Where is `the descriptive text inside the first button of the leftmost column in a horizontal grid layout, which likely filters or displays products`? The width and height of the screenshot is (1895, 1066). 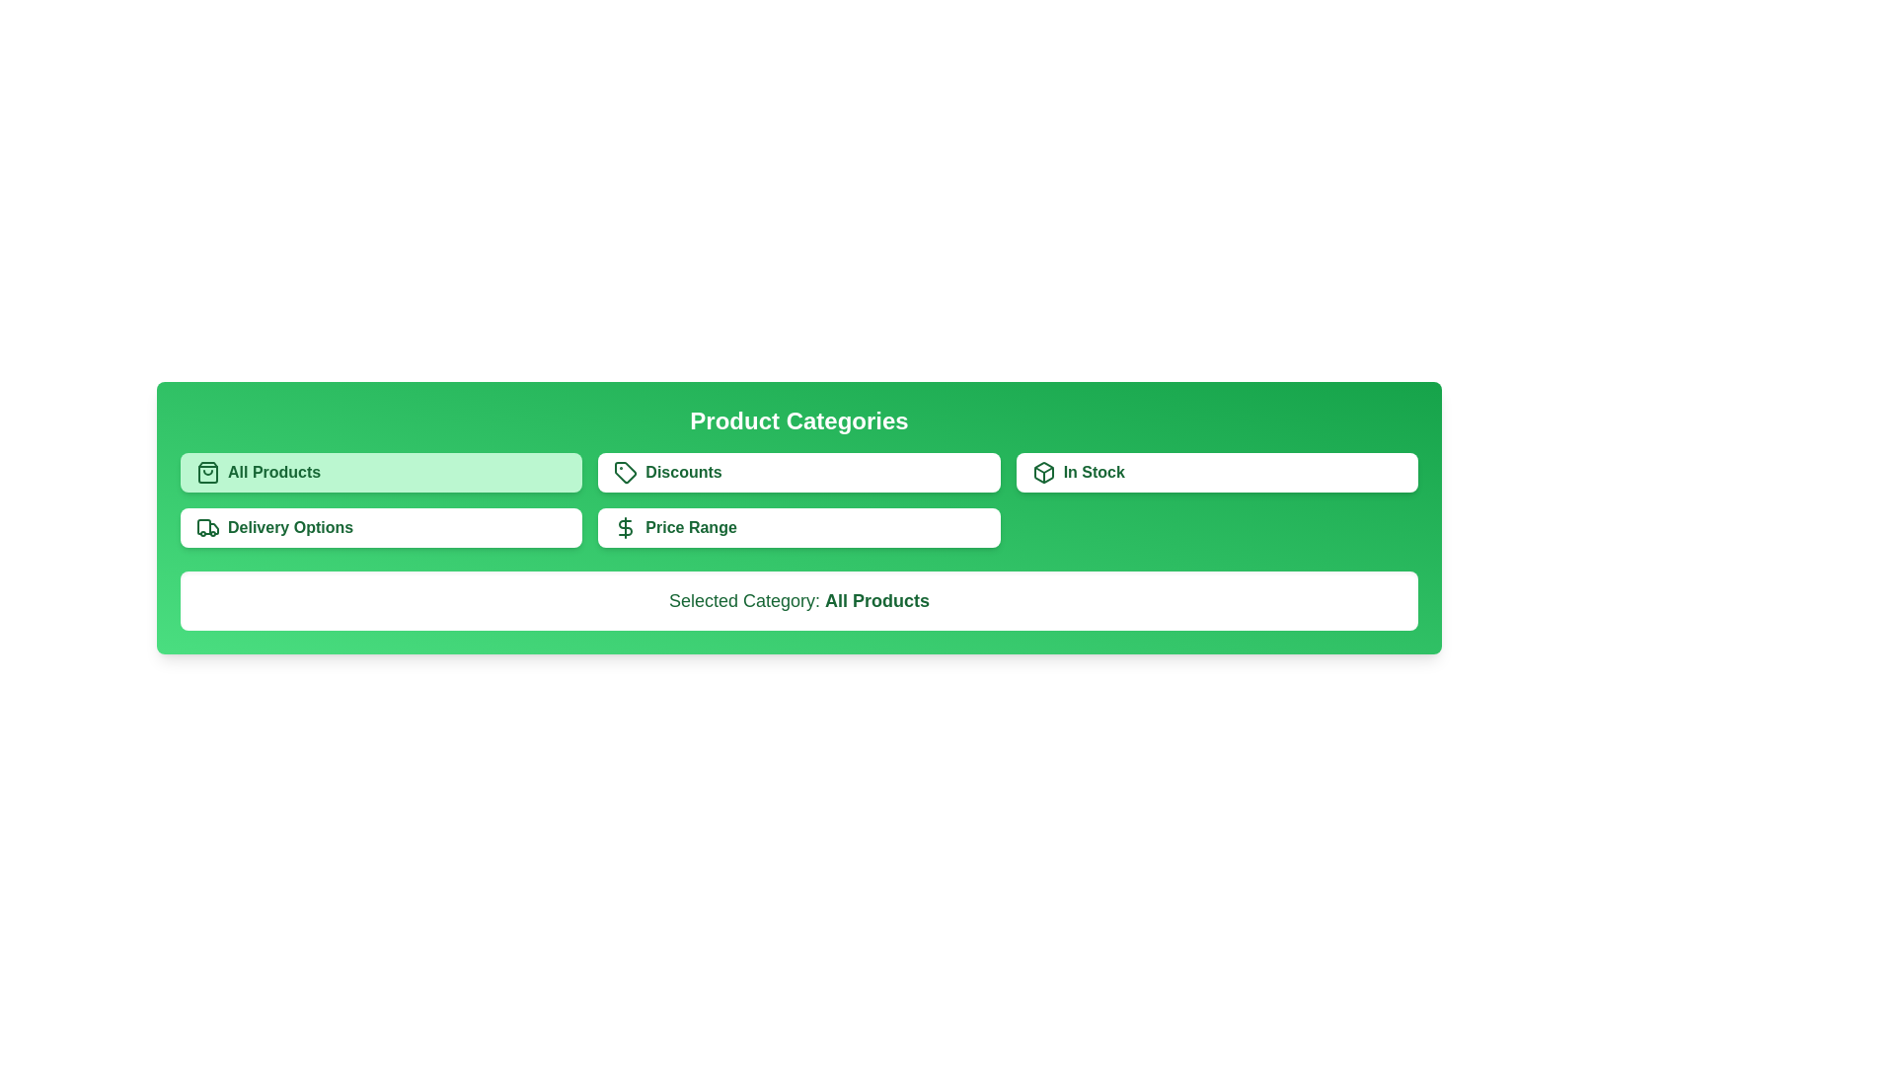 the descriptive text inside the first button of the leftmost column in a horizontal grid layout, which likely filters or displays products is located at coordinates (273, 472).